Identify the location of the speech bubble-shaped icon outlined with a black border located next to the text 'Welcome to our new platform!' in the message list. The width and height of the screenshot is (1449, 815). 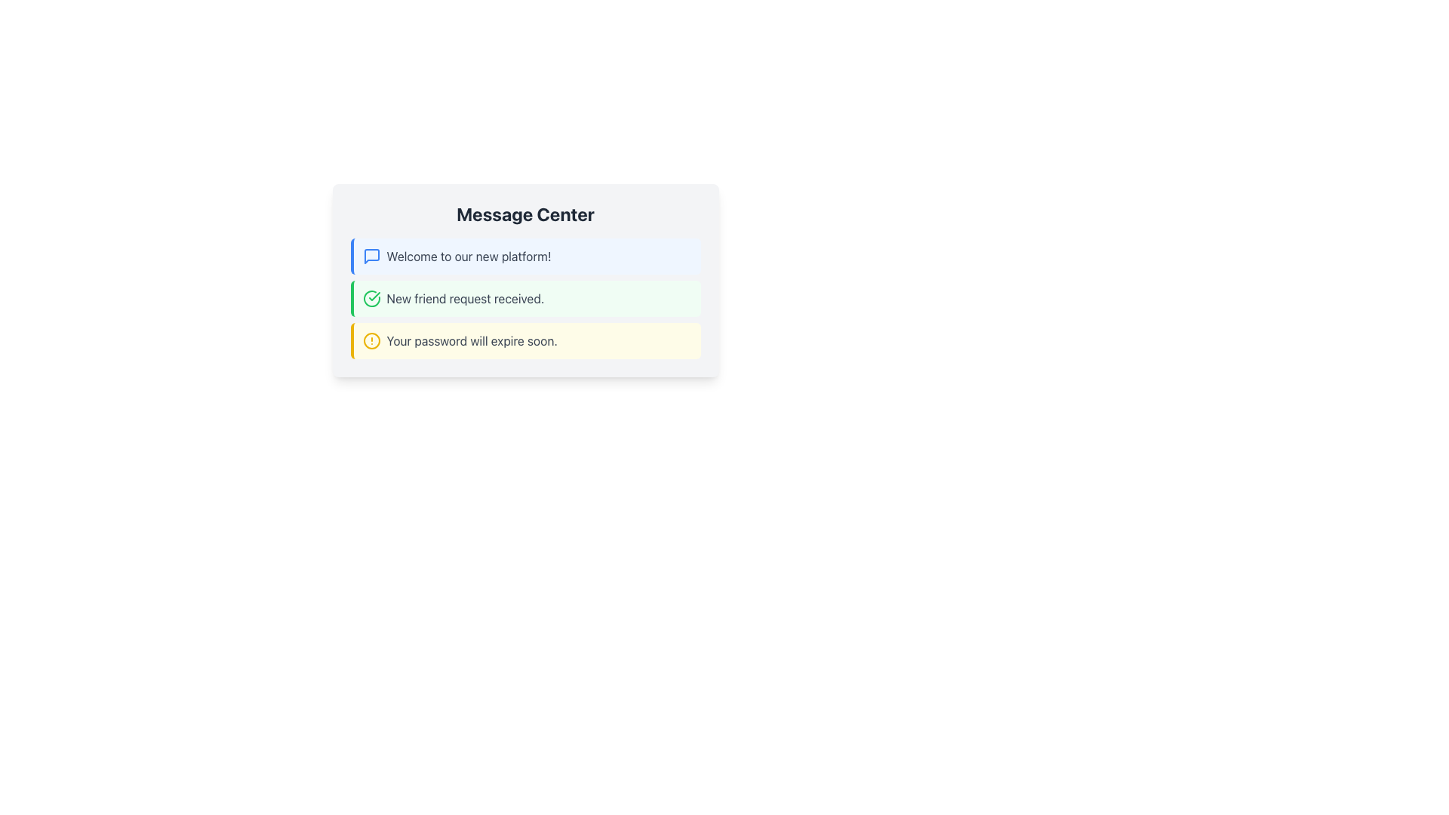
(371, 255).